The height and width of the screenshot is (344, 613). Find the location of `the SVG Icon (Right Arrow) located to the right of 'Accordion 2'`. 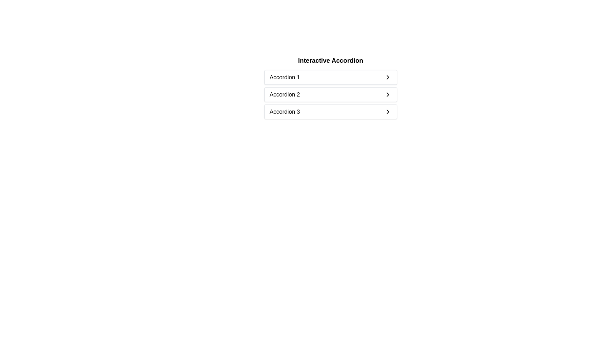

the SVG Icon (Right Arrow) located to the right of 'Accordion 2' is located at coordinates (387, 95).